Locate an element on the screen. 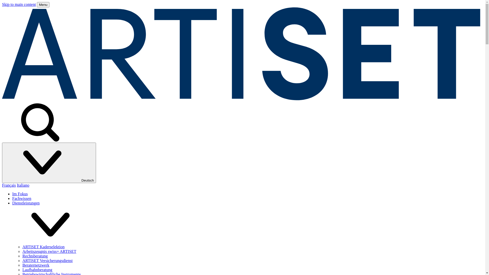  'Rechtsberatung' is located at coordinates (35, 256).